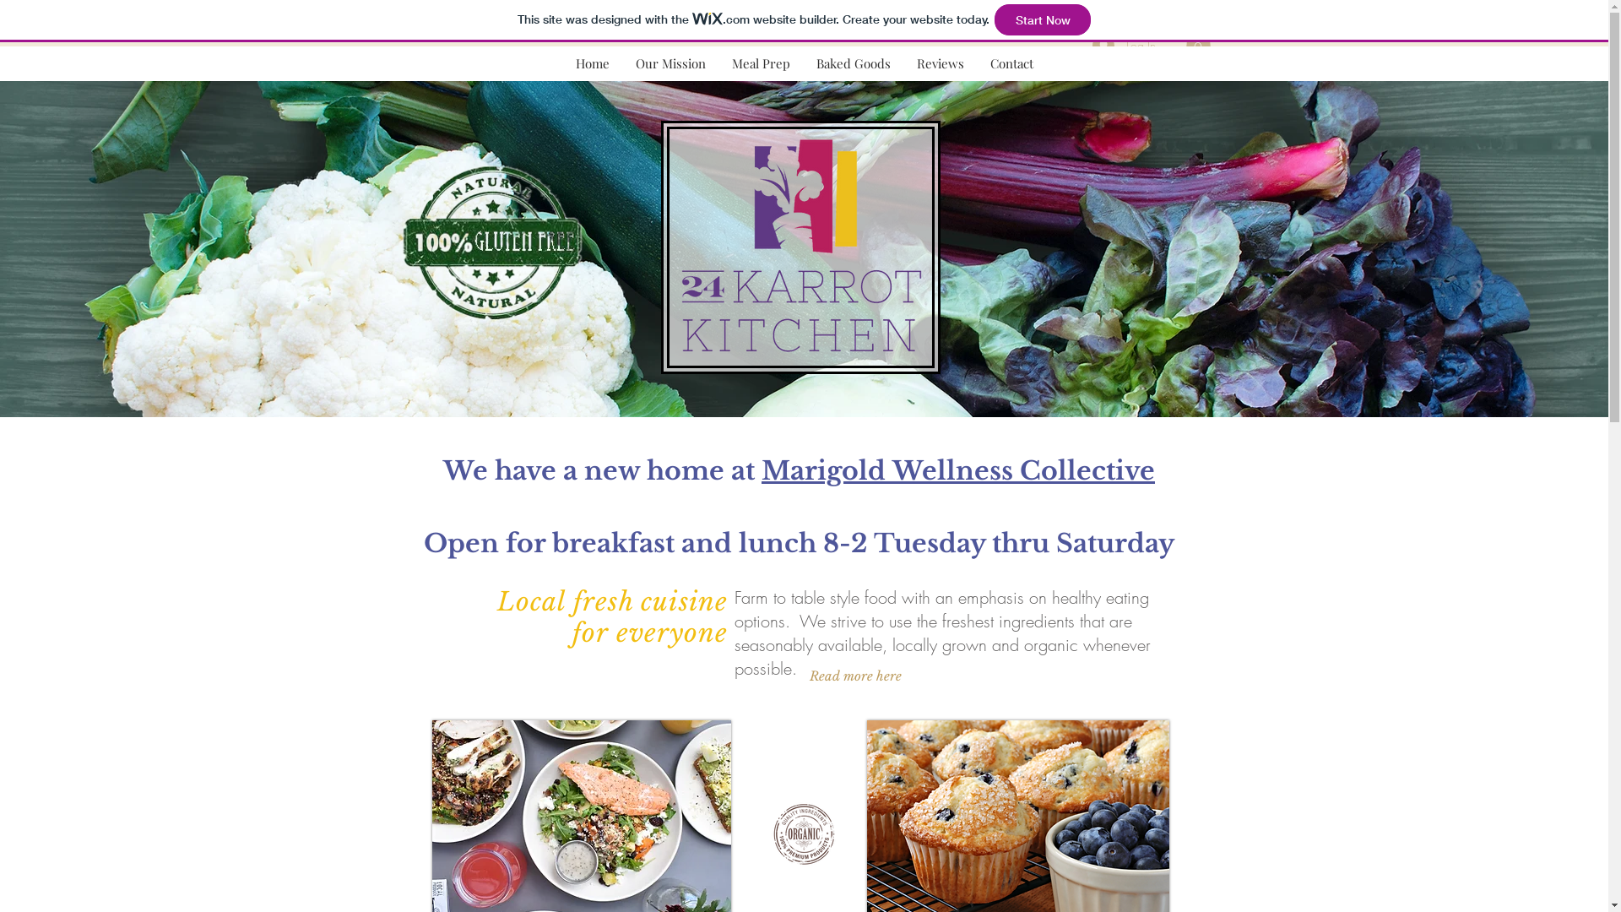 Image resolution: width=1621 pixels, height=912 pixels. I want to click on 'Home', so click(592, 62).